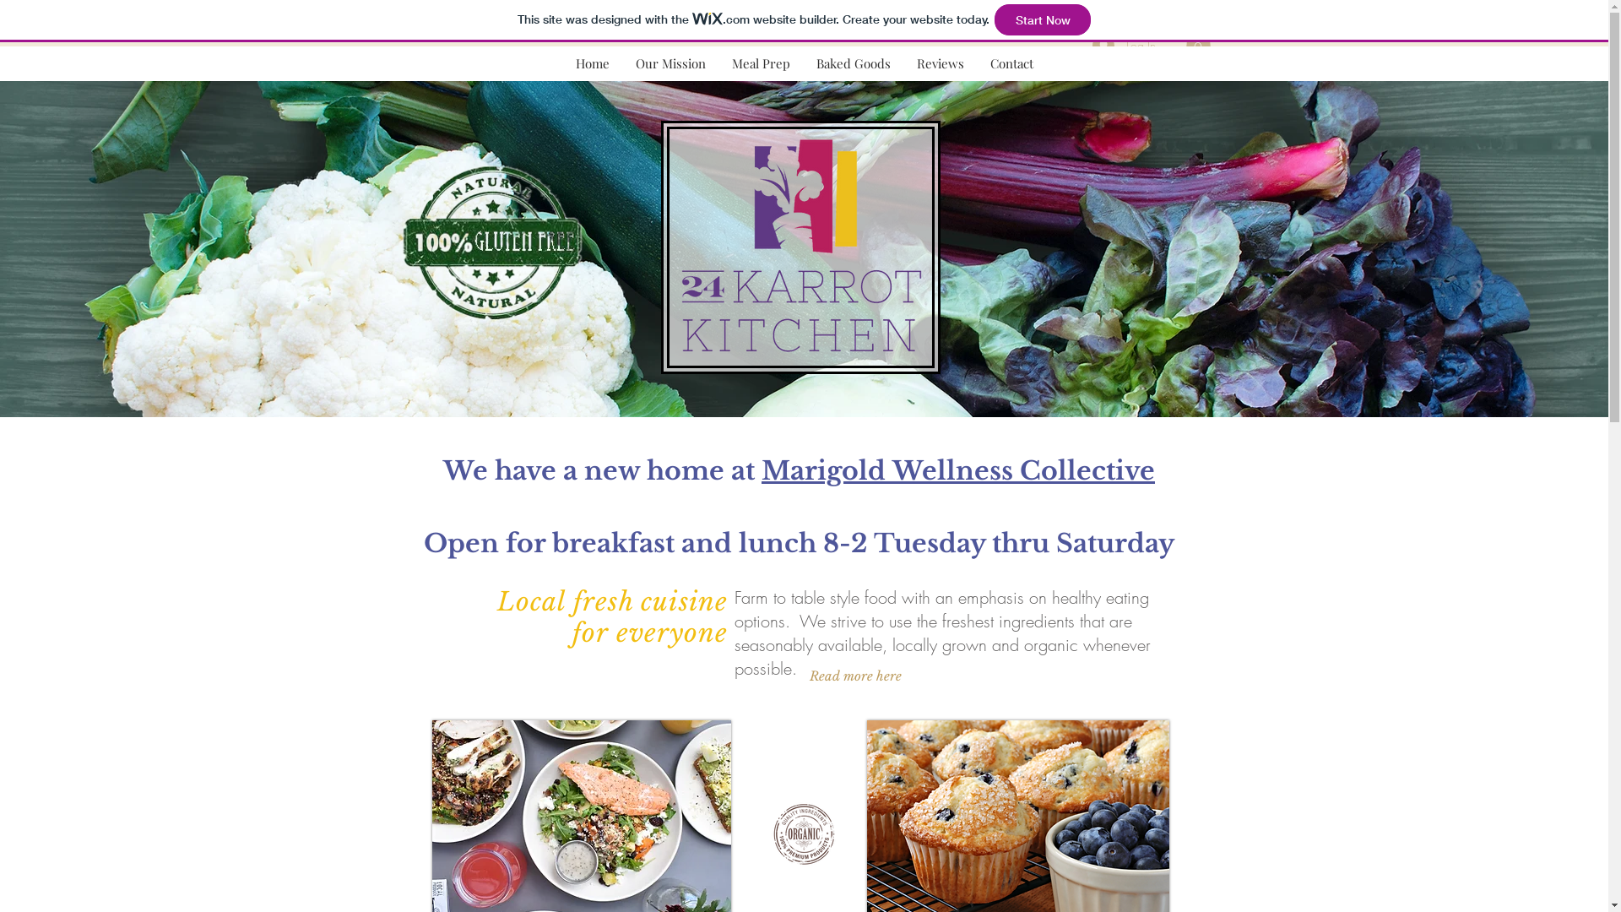 Image resolution: width=1621 pixels, height=912 pixels. I want to click on 'Home', so click(592, 62).